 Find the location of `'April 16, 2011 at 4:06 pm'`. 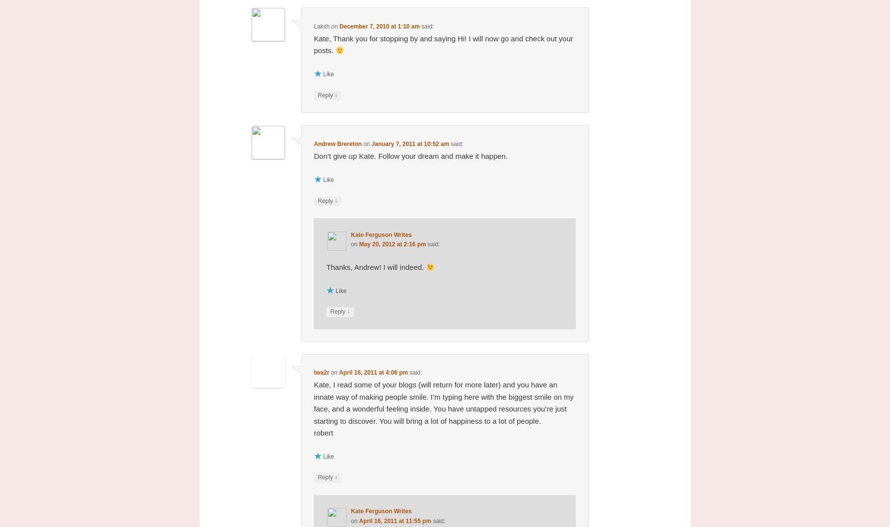

'April 16, 2011 at 4:06 pm' is located at coordinates (373, 373).